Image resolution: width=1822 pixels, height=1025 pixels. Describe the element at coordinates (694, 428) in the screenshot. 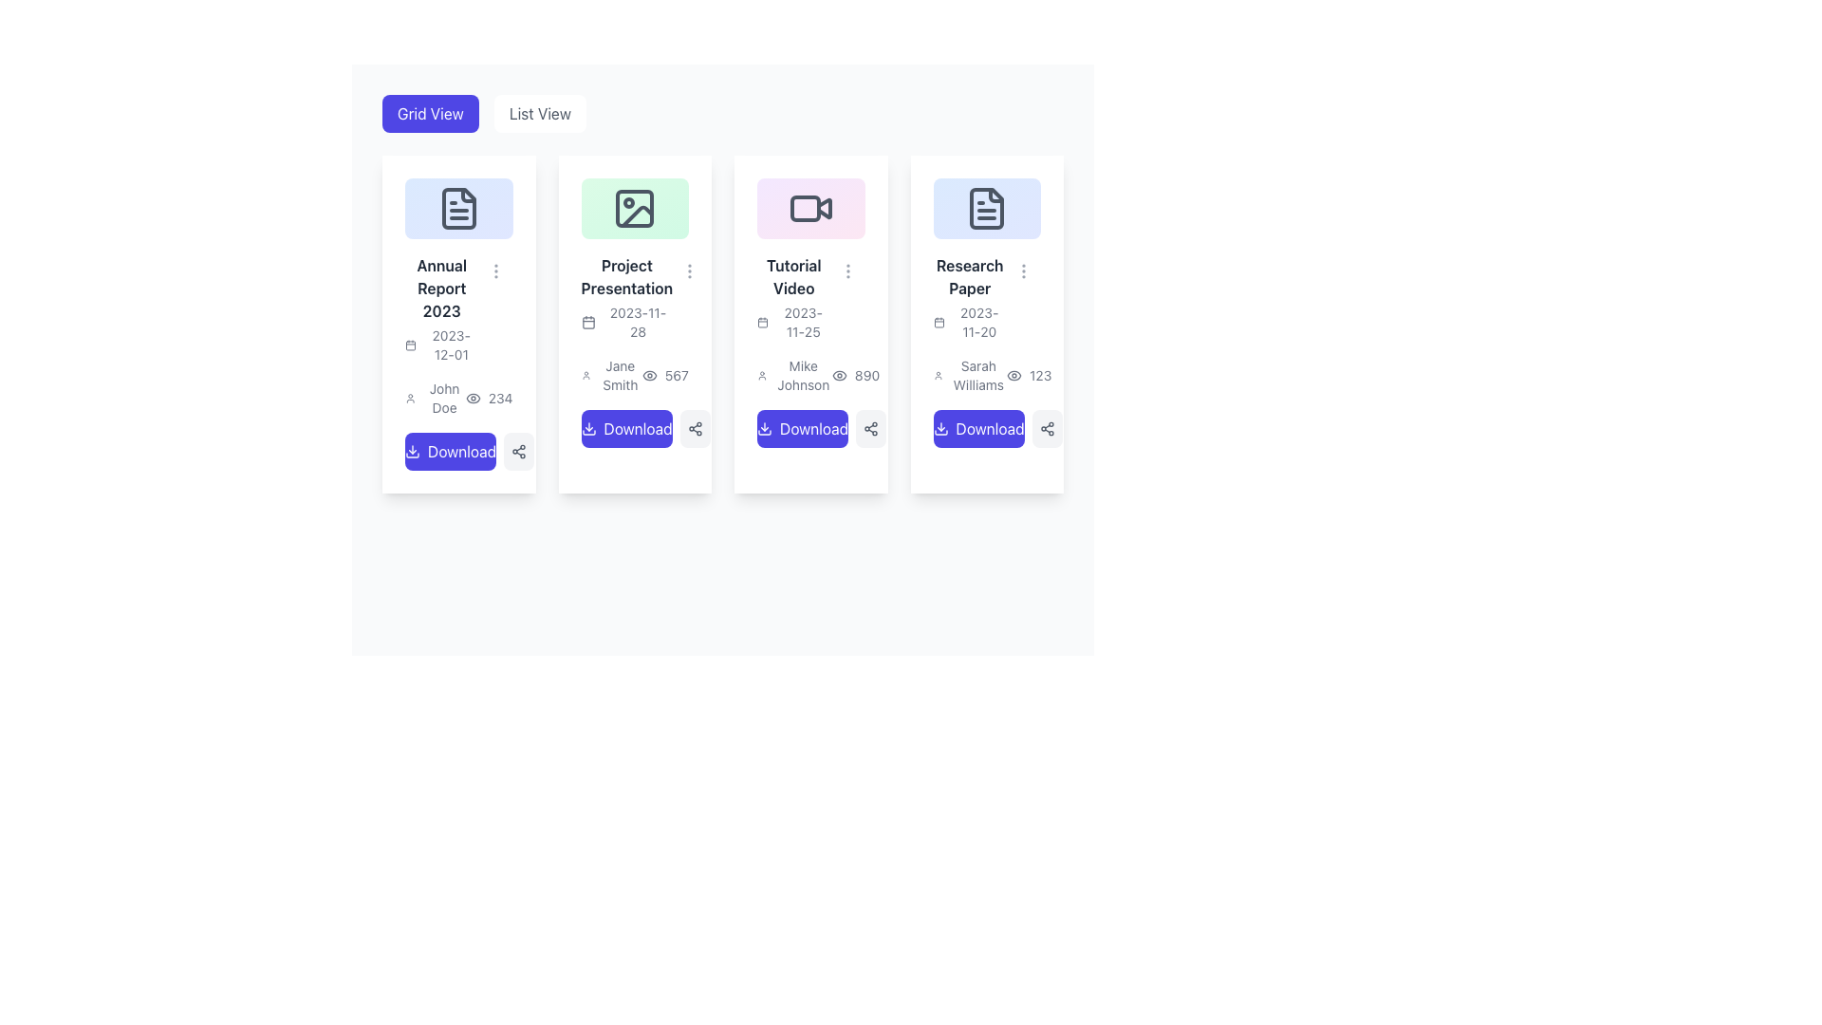

I see `the small rounded button with a sharing icon located to the right of the 'Download' button in the 'Project Presentation' card` at that location.